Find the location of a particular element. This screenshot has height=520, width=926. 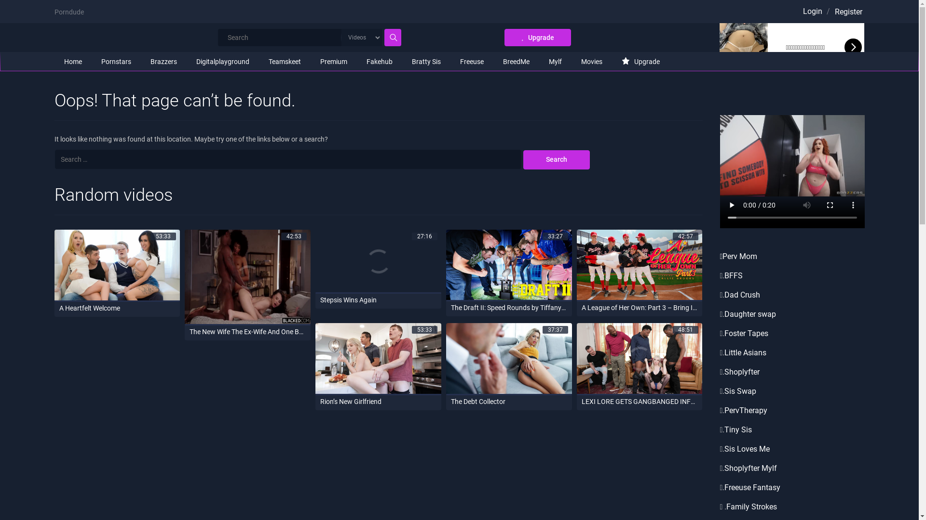

'Sis Loves Me' is located at coordinates (747, 449).